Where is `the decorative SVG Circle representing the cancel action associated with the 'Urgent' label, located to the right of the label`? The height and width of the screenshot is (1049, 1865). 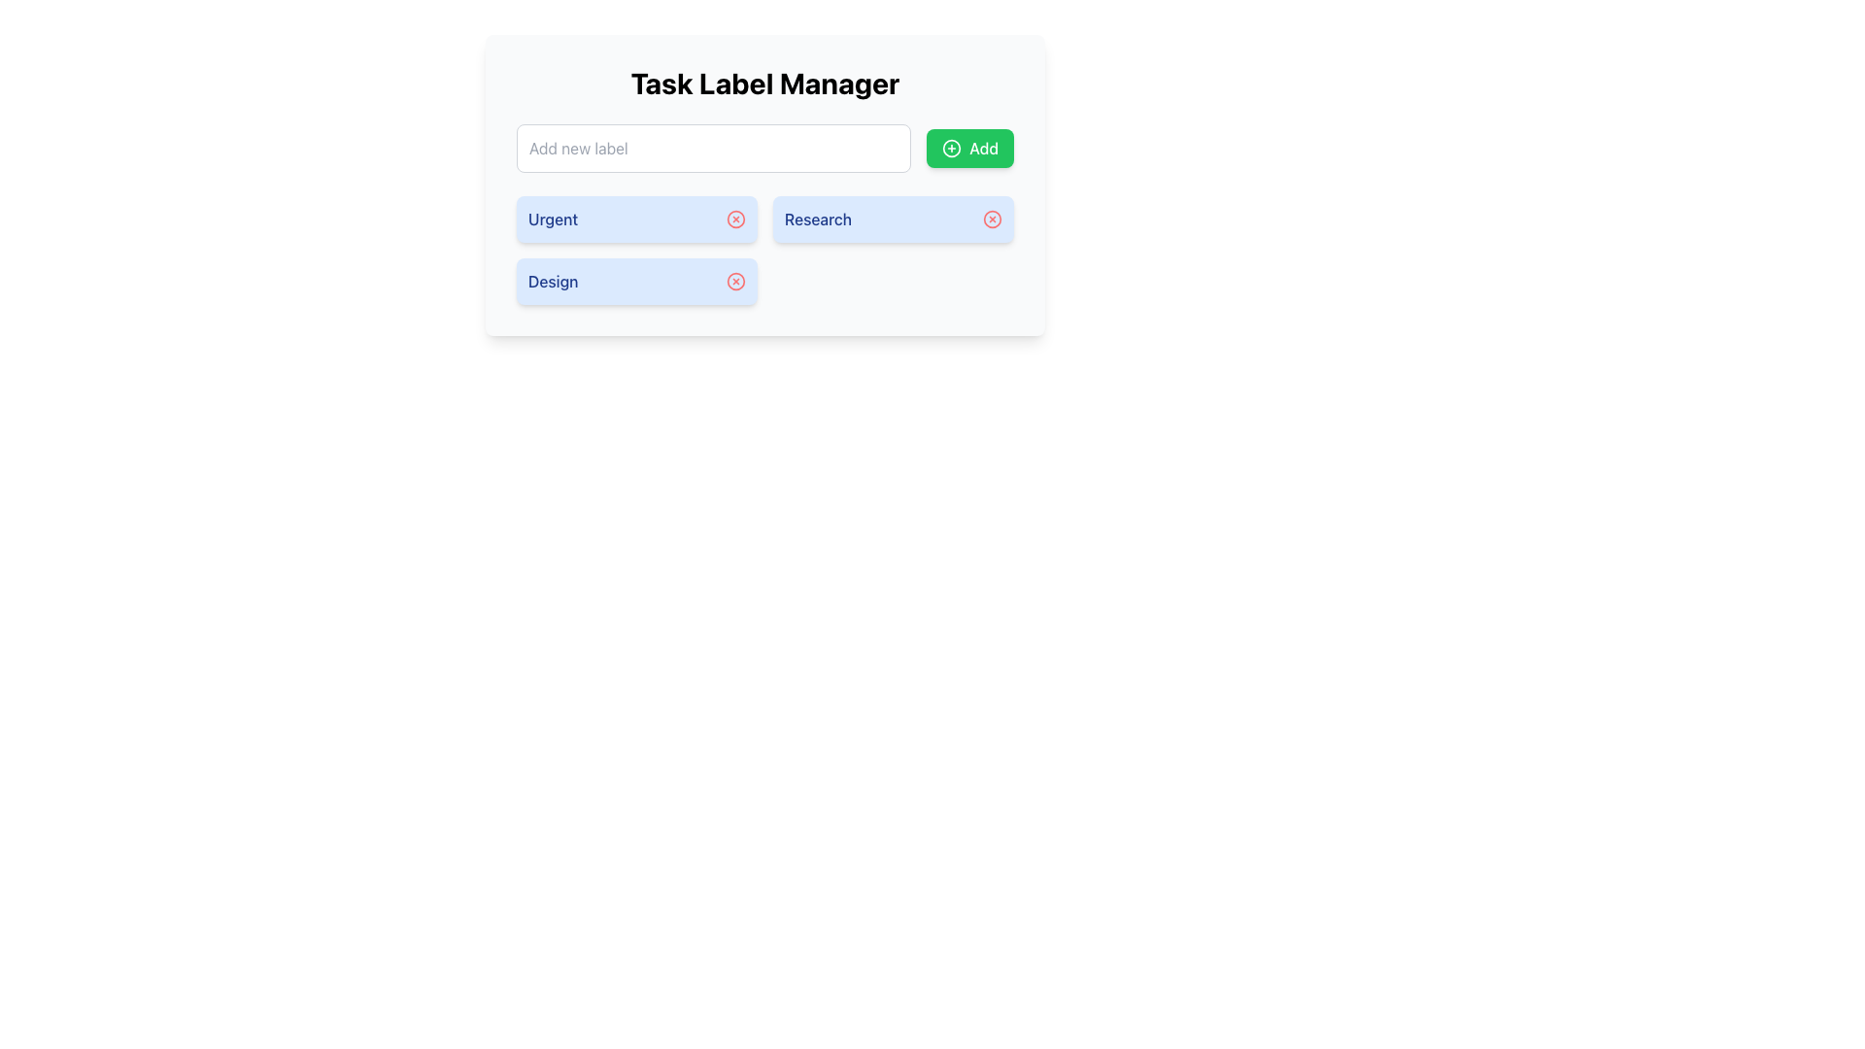
the decorative SVG Circle representing the cancel action associated with the 'Urgent' label, located to the right of the label is located at coordinates (735, 219).